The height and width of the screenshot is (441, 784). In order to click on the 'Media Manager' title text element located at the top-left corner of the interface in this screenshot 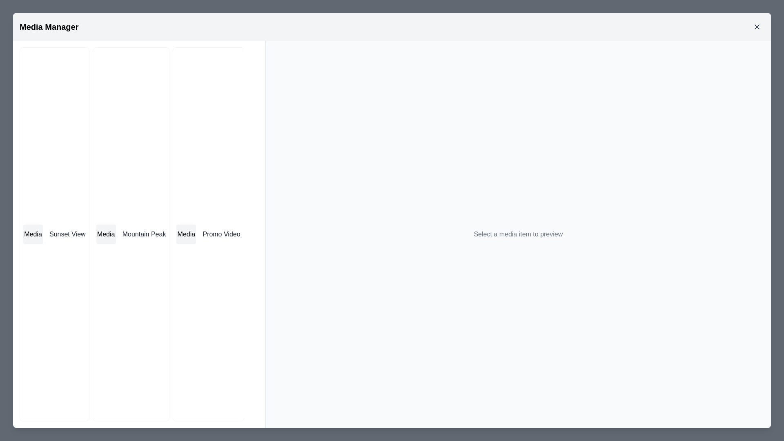, I will do `click(49, 26)`.